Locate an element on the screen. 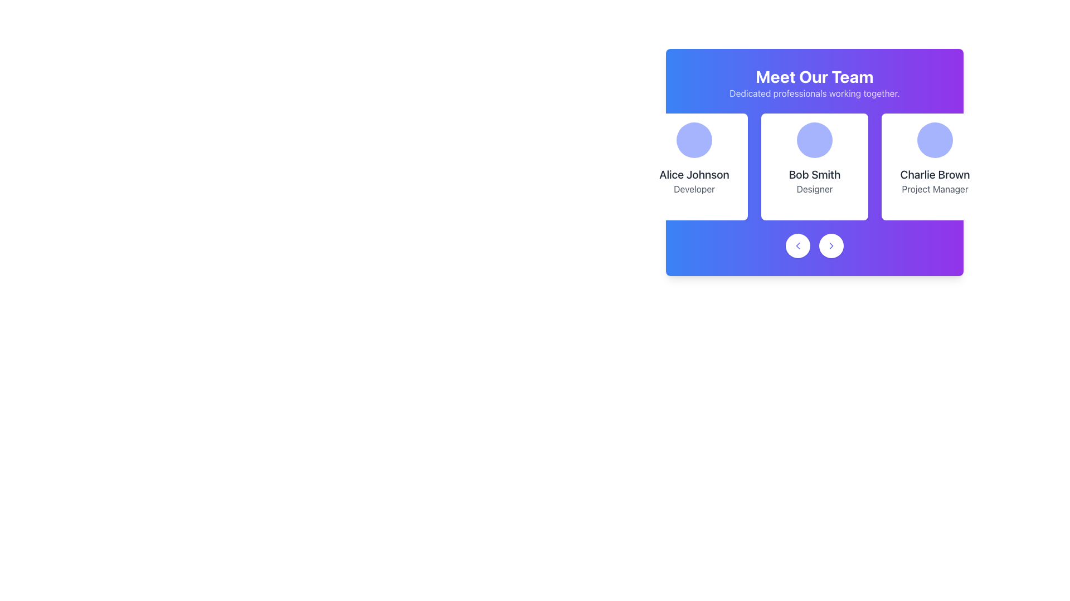 This screenshot has height=601, width=1070. the Text Label that provides contextual information about the team's collaborative nature, positioned below the 'Meet Our Team' heading is located at coordinates (815, 93).